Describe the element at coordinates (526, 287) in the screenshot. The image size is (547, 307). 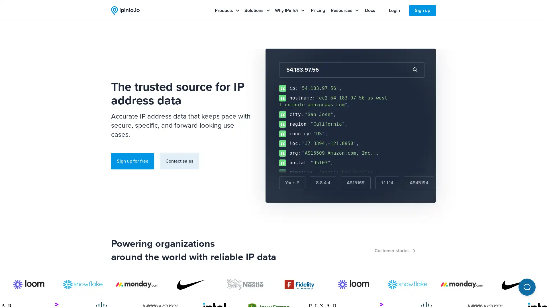
I see `Load Chat` at that location.